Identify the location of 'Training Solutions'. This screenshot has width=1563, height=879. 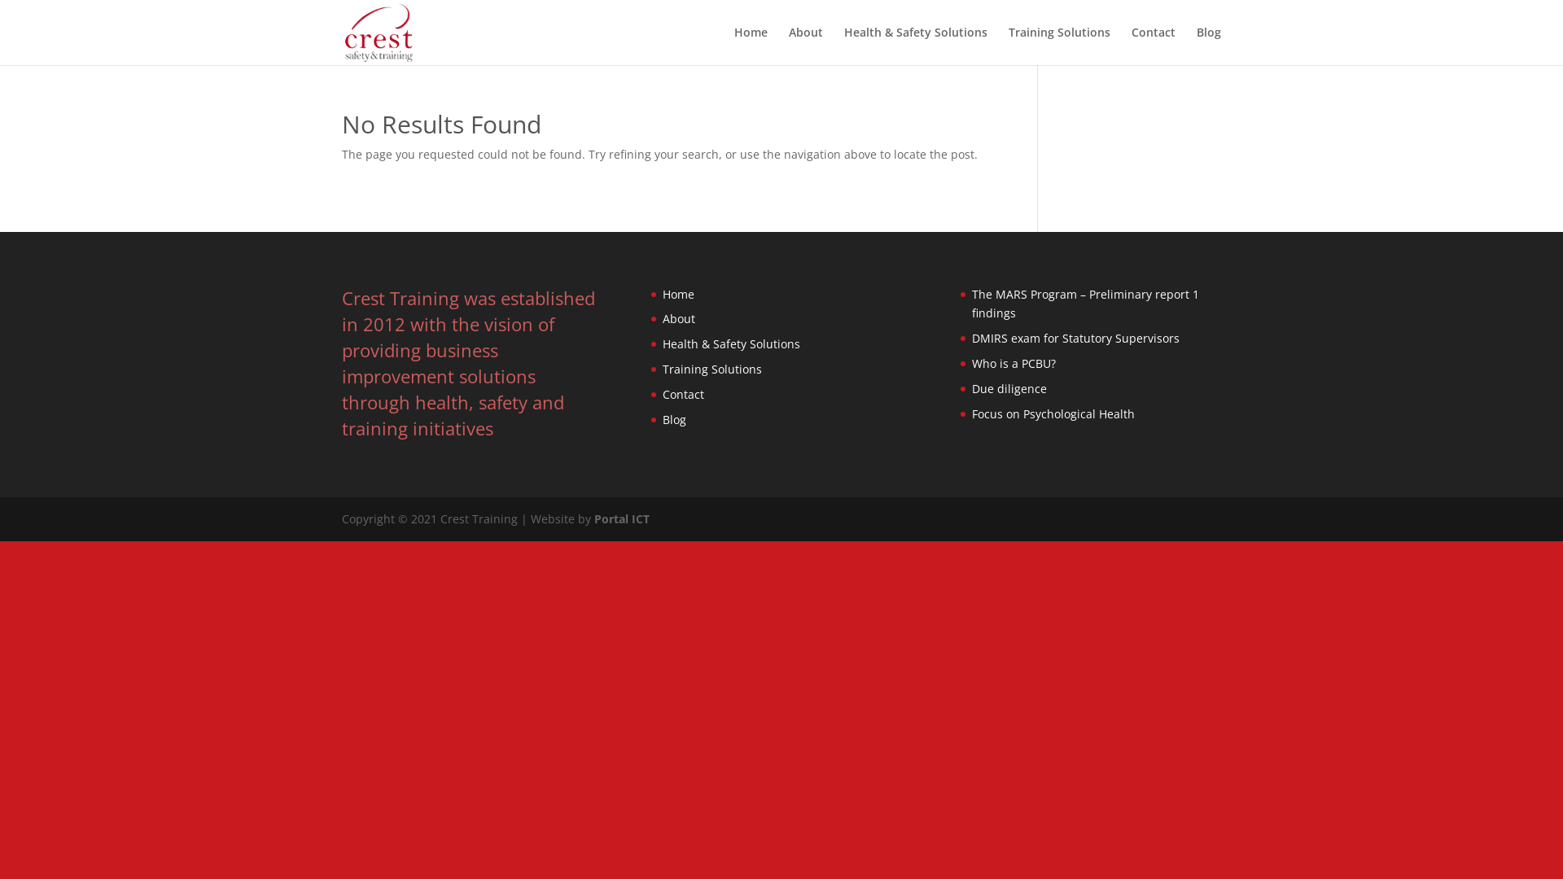
(663, 369).